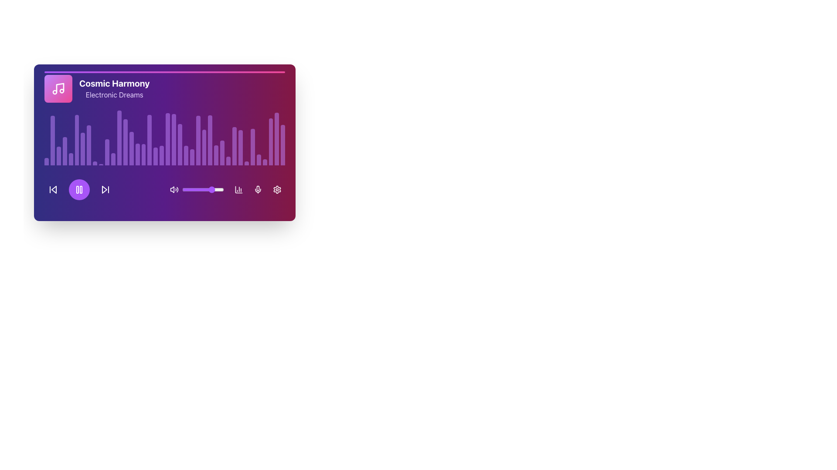  I want to click on the volume level, so click(194, 189).